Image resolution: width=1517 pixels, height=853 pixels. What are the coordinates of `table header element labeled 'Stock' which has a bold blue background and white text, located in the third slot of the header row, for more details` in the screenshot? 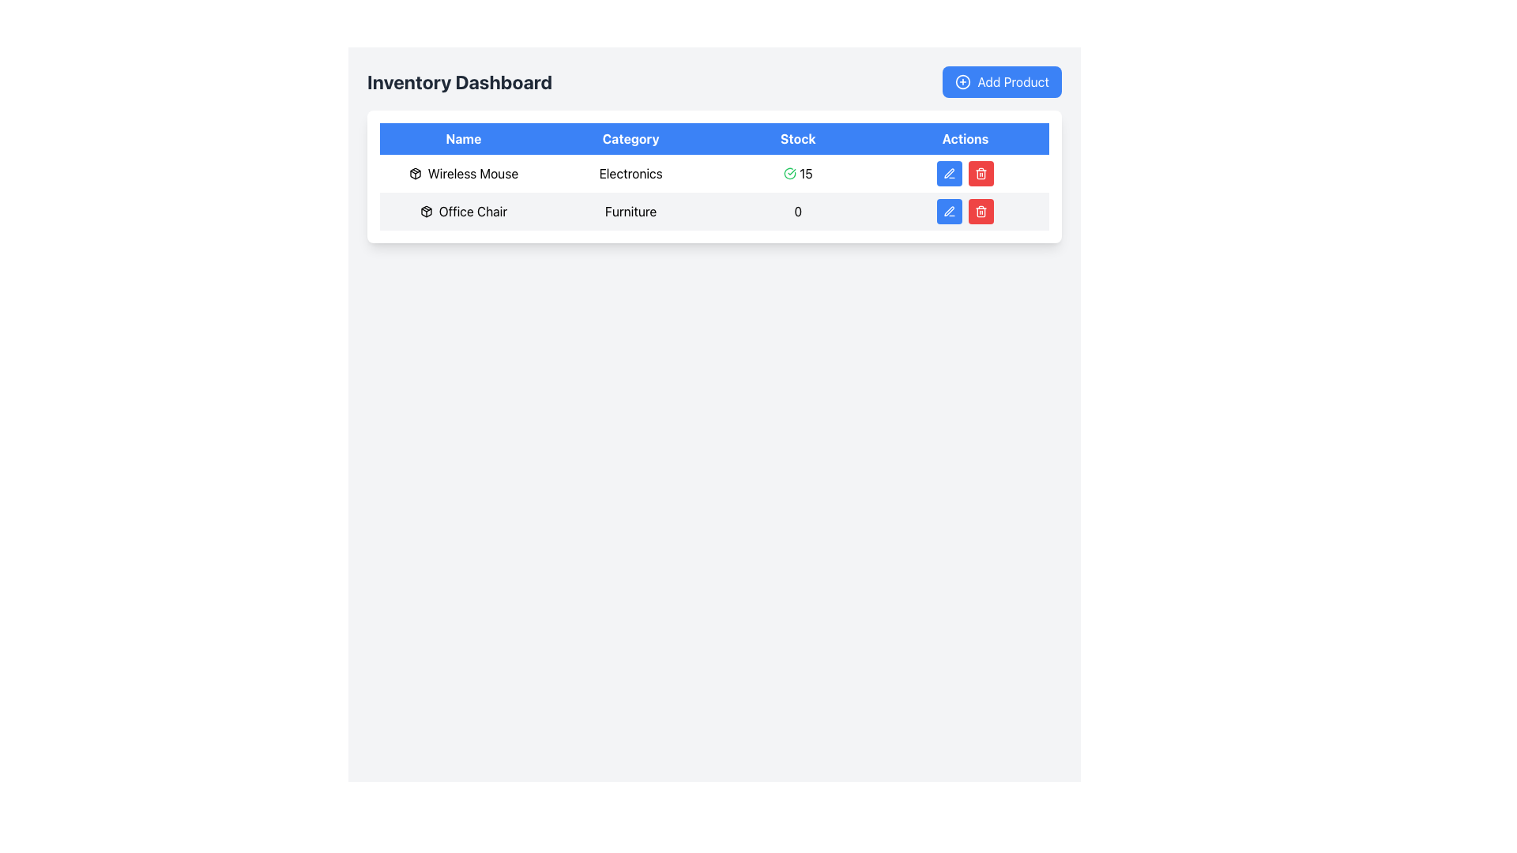 It's located at (798, 138).